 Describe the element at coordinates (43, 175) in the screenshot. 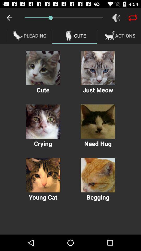

I see `this cat` at that location.